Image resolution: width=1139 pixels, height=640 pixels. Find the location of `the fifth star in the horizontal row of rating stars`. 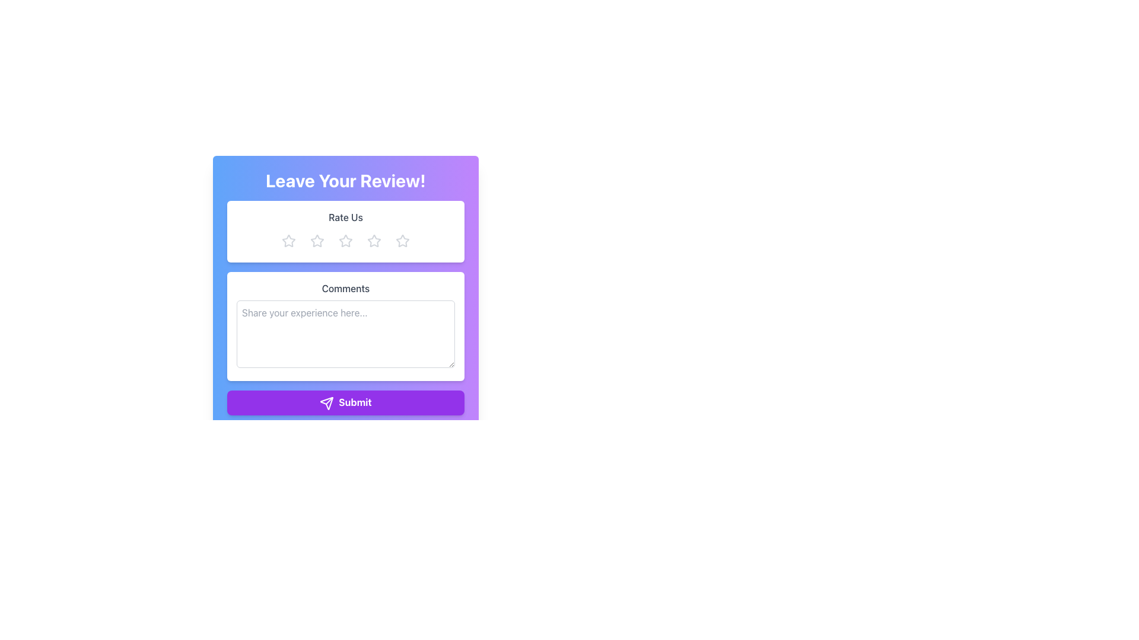

the fifth star in the horizontal row of rating stars is located at coordinates (402, 241).